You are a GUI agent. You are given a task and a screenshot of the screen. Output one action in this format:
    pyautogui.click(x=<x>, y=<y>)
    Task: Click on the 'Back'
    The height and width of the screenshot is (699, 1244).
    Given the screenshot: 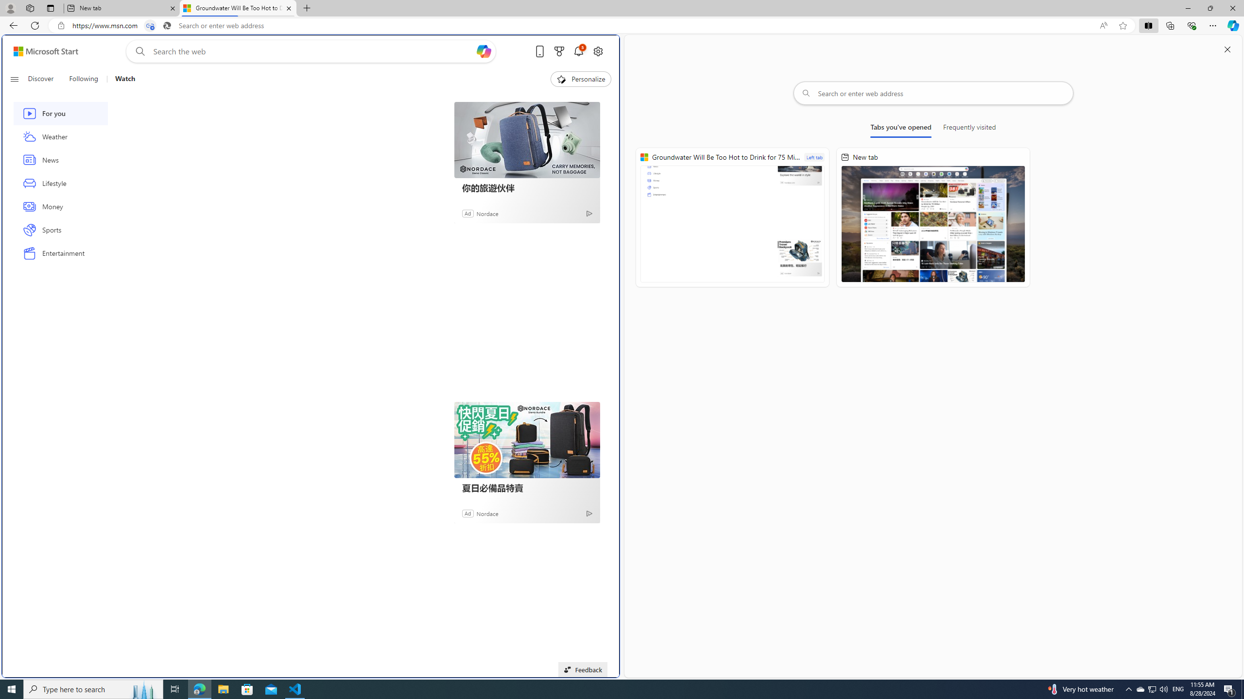 What is the action you would take?
    pyautogui.click(x=12, y=25)
    